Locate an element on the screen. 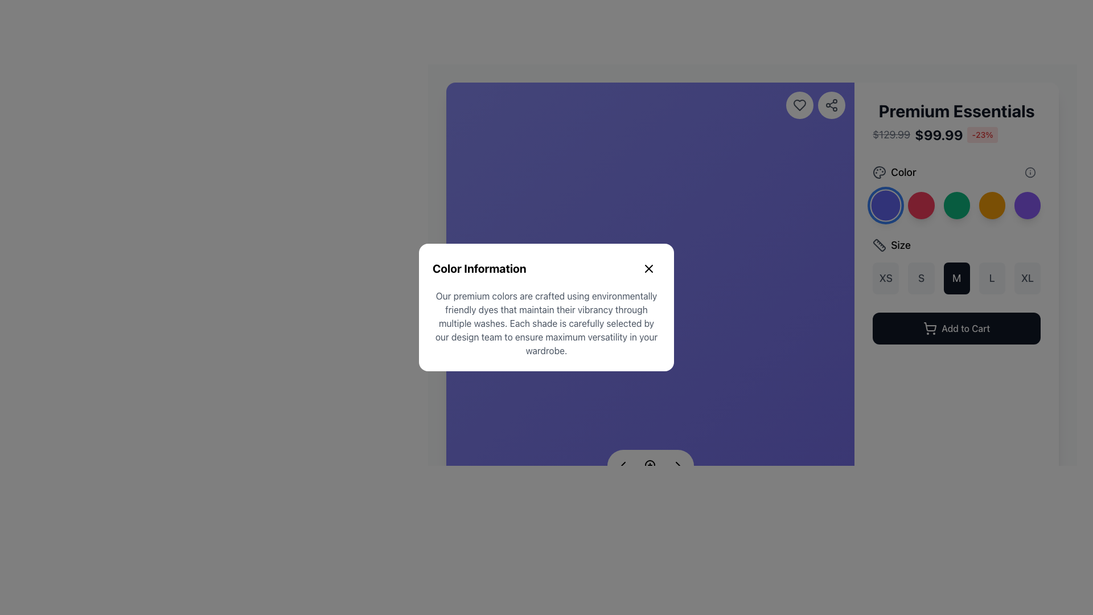 The height and width of the screenshot is (615, 1093). the fourth circular golden color selection button located near the top-right section of the interface is located at coordinates (991, 206).